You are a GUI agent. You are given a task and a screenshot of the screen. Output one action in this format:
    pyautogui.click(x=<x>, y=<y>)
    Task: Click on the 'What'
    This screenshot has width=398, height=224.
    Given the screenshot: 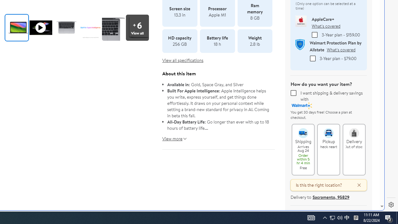 What is the action you would take?
    pyautogui.click(x=326, y=26)
    